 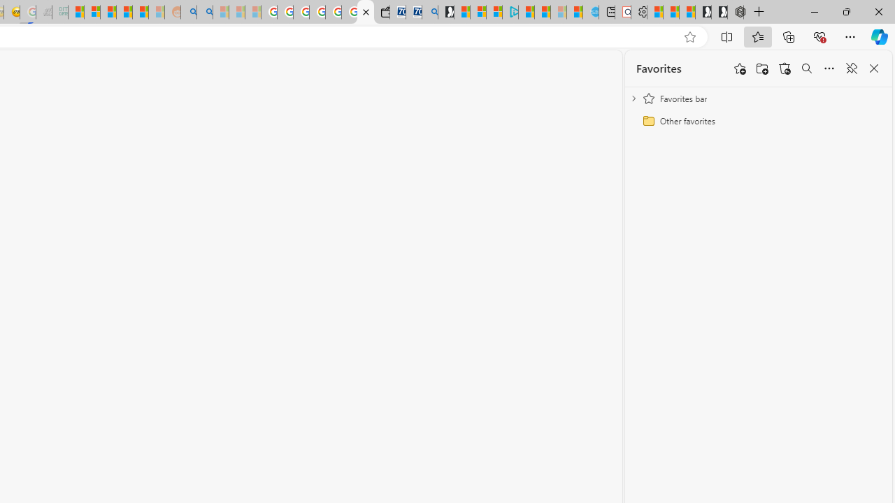 What do you see at coordinates (761, 68) in the screenshot?
I see `'Add folder'` at bounding box center [761, 68].